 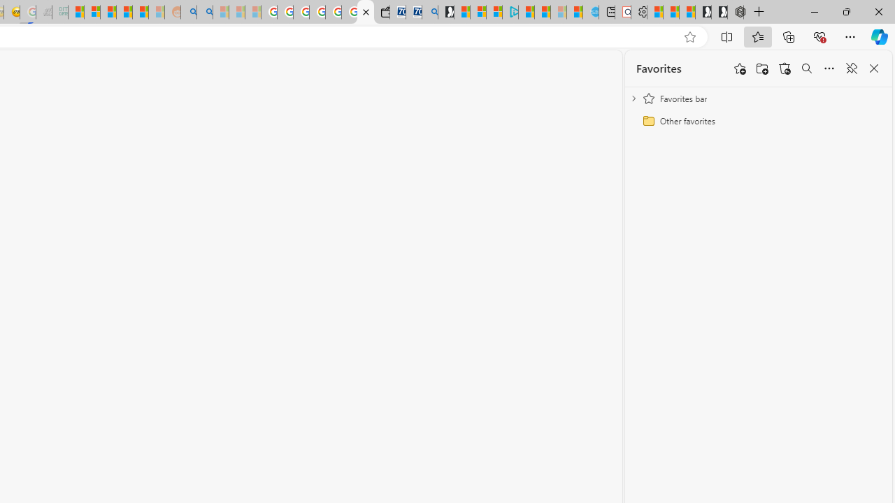 What do you see at coordinates (761, 68) in the screenshot?
I see `'Add folder'` at bounding box center [761, 68].